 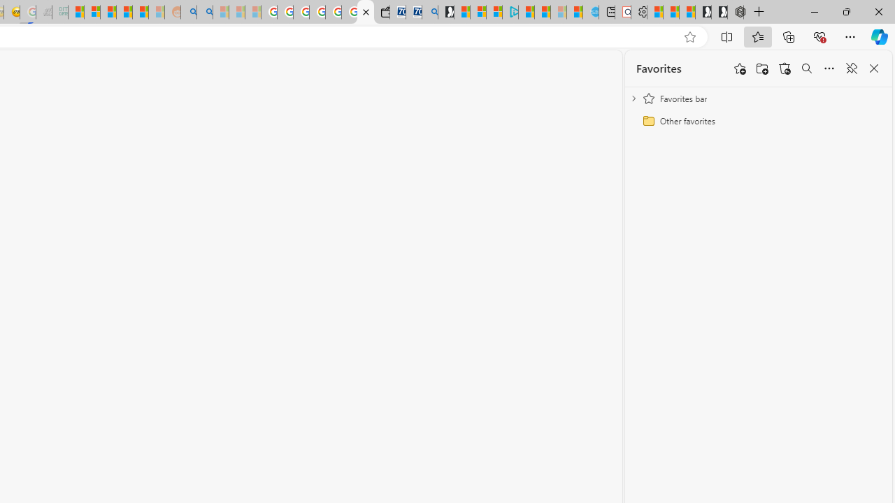 What do you see at coordinates (761, 68) in the screenshot?
I see `'Add folder'` at bounding box center [761, 68].